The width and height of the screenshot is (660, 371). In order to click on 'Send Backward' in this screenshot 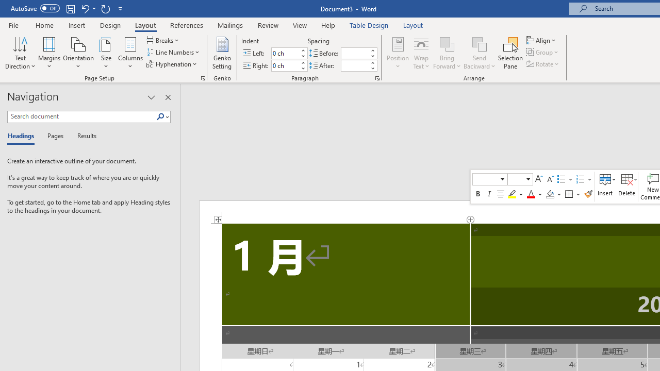, I will do `click(479, 43)`.